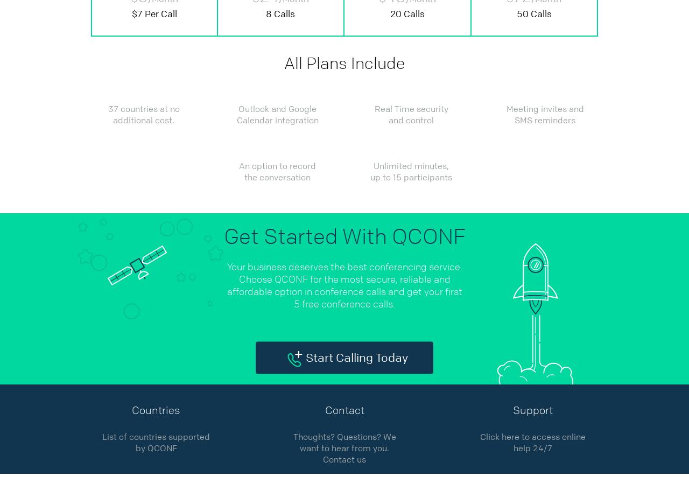  I want to click on 'Outlook and Google Calendar integration', so click(277, 115).